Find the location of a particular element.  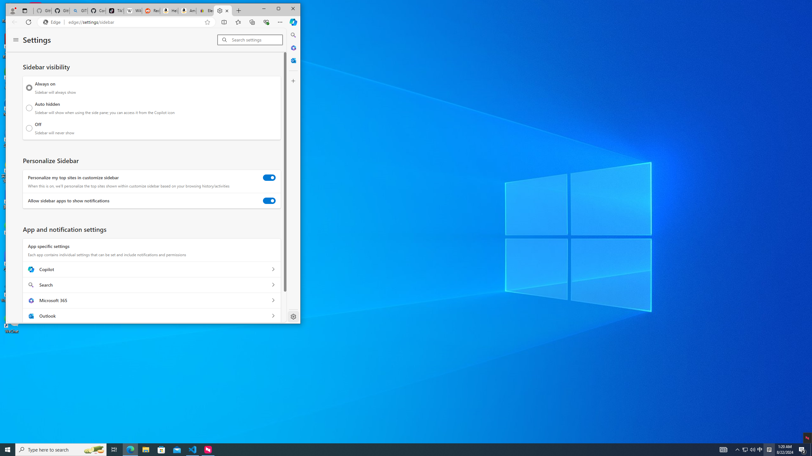

'Microsoft Edge - 1 running window' is located at coordinates (130, 449).